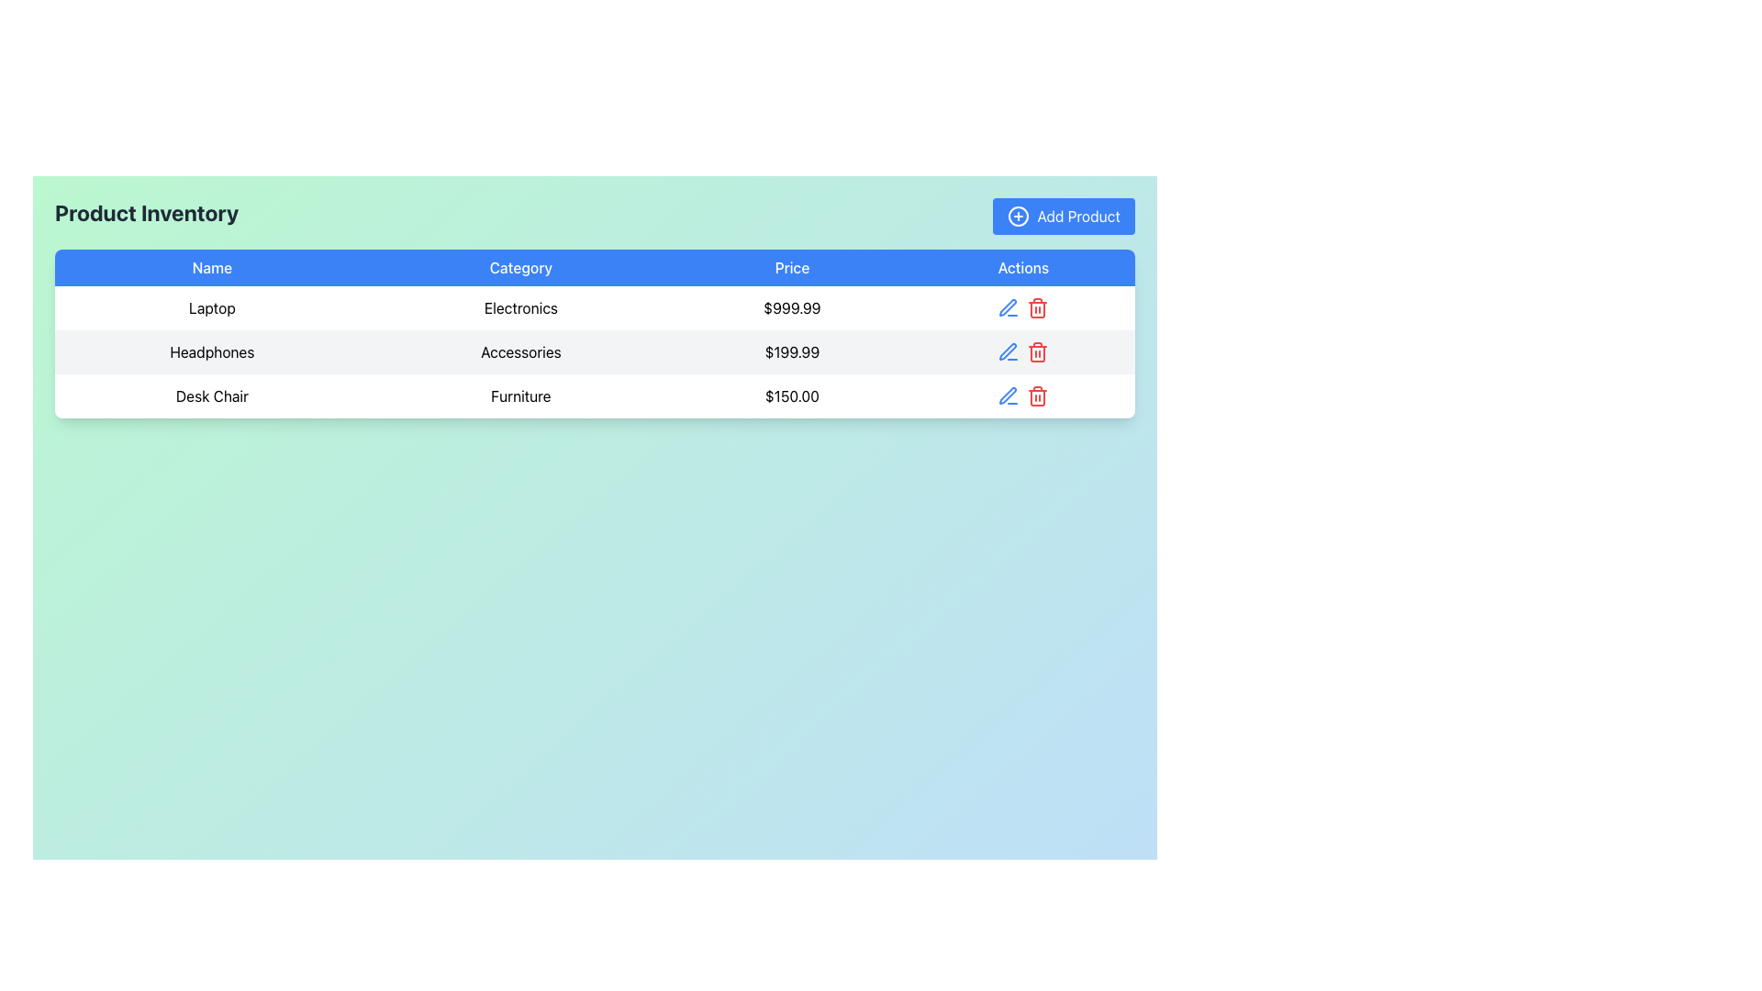 The width and height of the screenshot is (1762, 991). I want to click on the text label displaying 'Furniture' in the third row of the 'Category' column, which is aligned with 'Desk Chair' and '$150.00', so click(519, 395).